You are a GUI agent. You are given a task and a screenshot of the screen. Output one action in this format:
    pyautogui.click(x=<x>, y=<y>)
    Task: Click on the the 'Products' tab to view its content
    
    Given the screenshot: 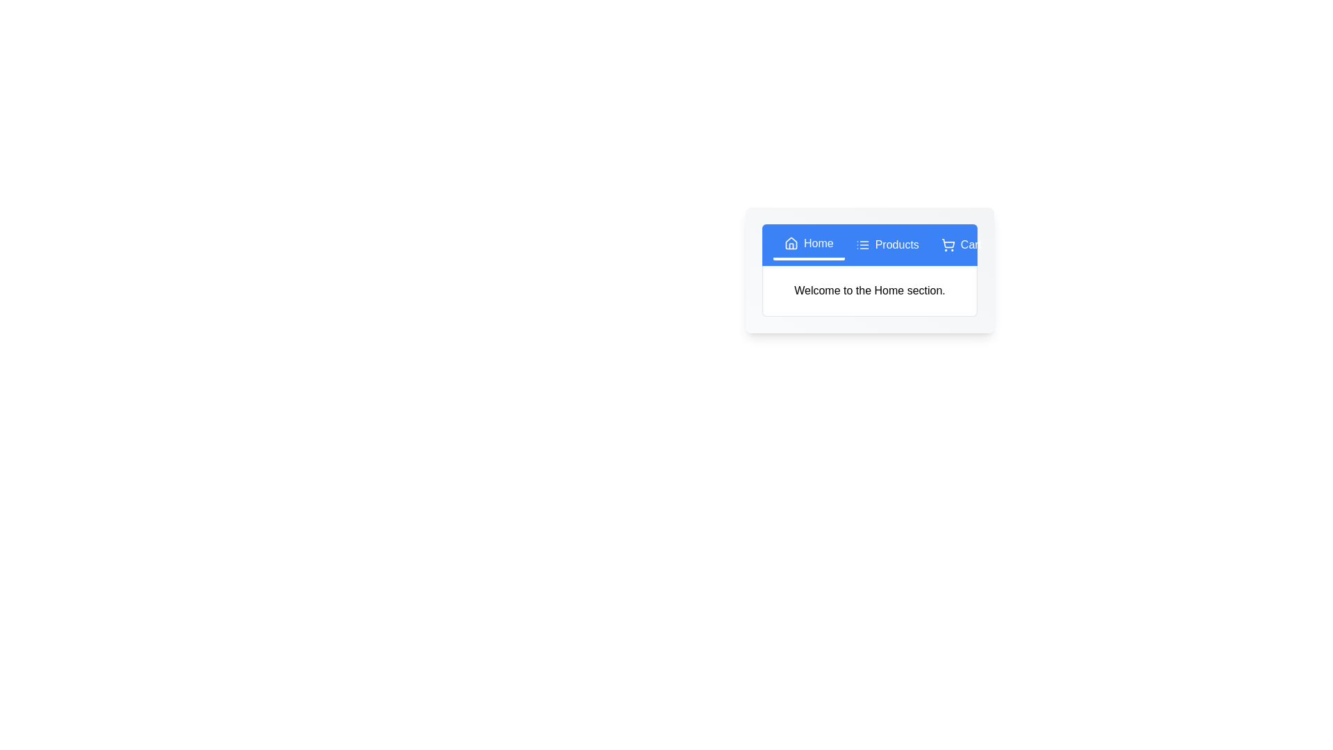 What is the action you would take?
    pyautogui.click(x=886, y=244)
    